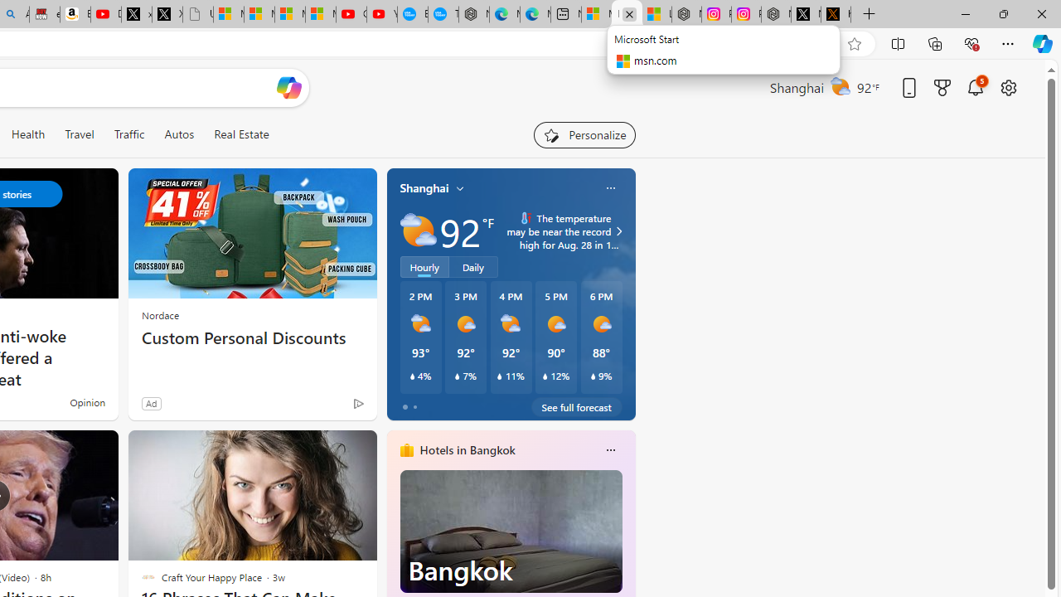  I want to click on 'Traffic', so click(128, 133).